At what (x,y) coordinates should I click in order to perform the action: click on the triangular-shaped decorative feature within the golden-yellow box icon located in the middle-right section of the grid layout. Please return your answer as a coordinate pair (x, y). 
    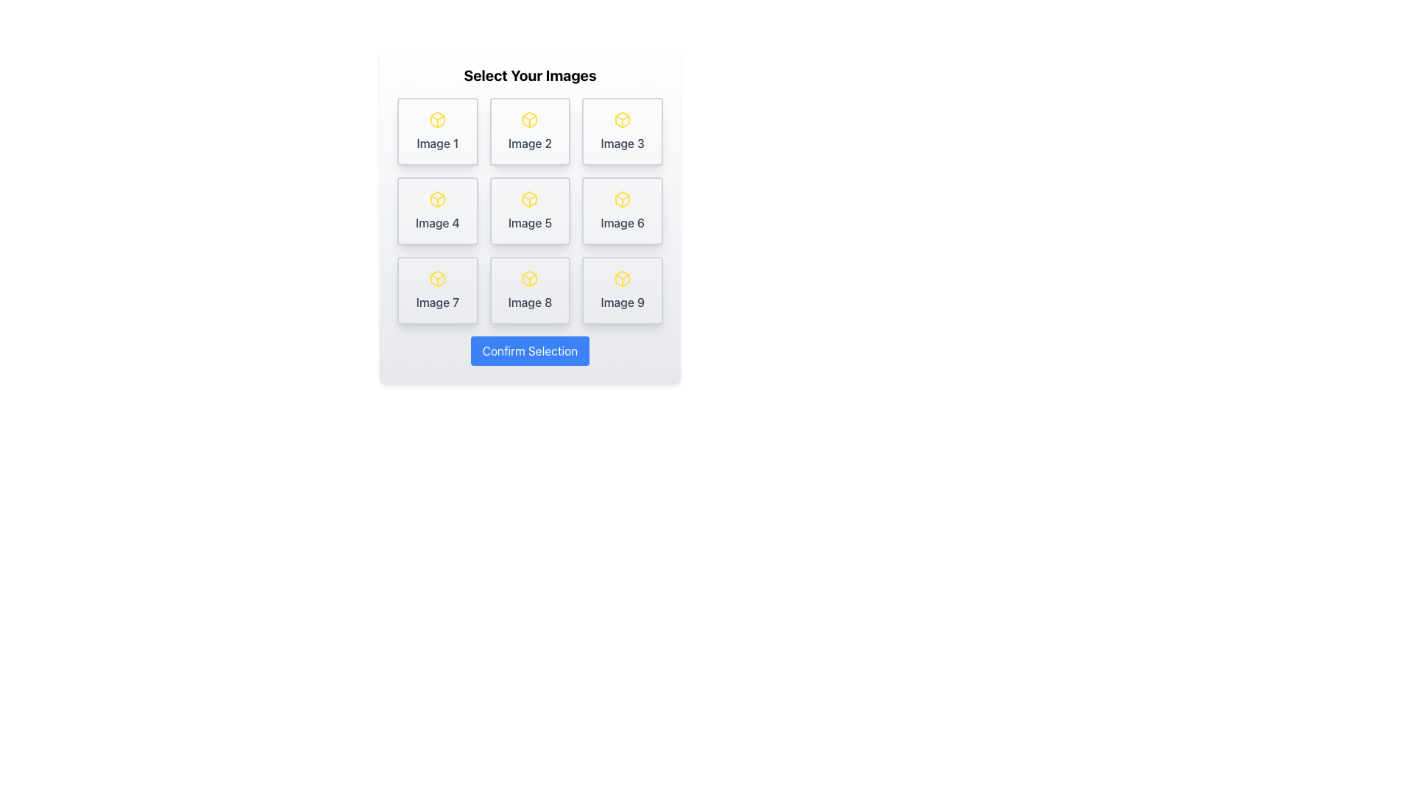
    Looking at the image, I should click on (623, 197).